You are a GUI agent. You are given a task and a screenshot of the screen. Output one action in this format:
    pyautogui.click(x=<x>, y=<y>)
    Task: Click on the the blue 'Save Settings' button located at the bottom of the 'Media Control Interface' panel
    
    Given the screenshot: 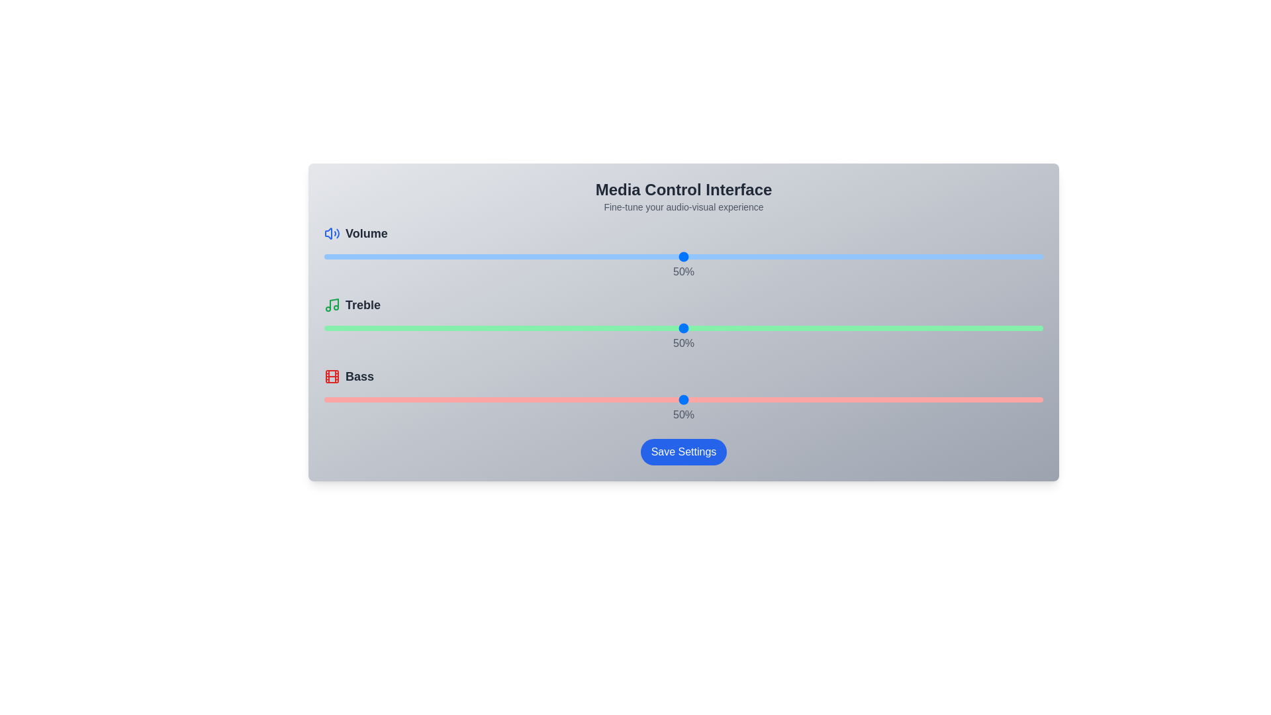 What is the action you would take?
    pyautogui.click(x=683, y=451)
    